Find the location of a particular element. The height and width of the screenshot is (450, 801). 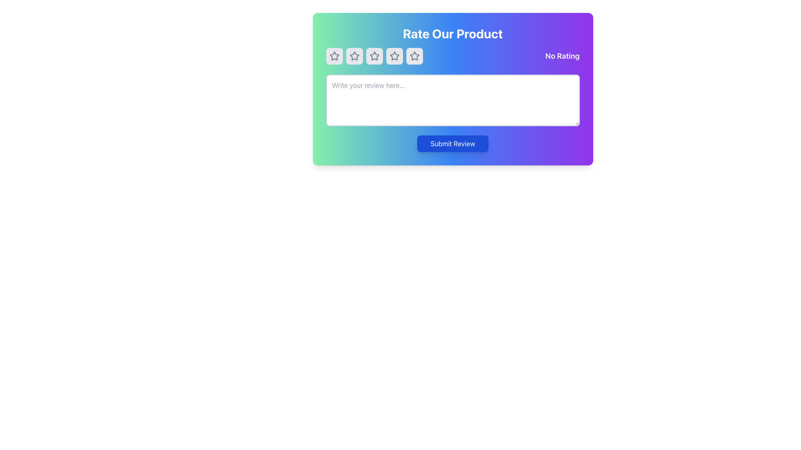

the fifth star button in the five-step rating system located in the top-left section of the gradient-colored modal under the text 'Rate Our Product' is located at coordinates (414, 56).